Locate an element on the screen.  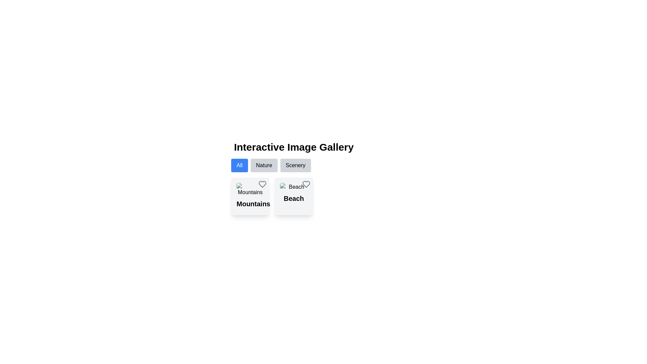
the beach image thumbnail located is located at coordinates (294, 187).